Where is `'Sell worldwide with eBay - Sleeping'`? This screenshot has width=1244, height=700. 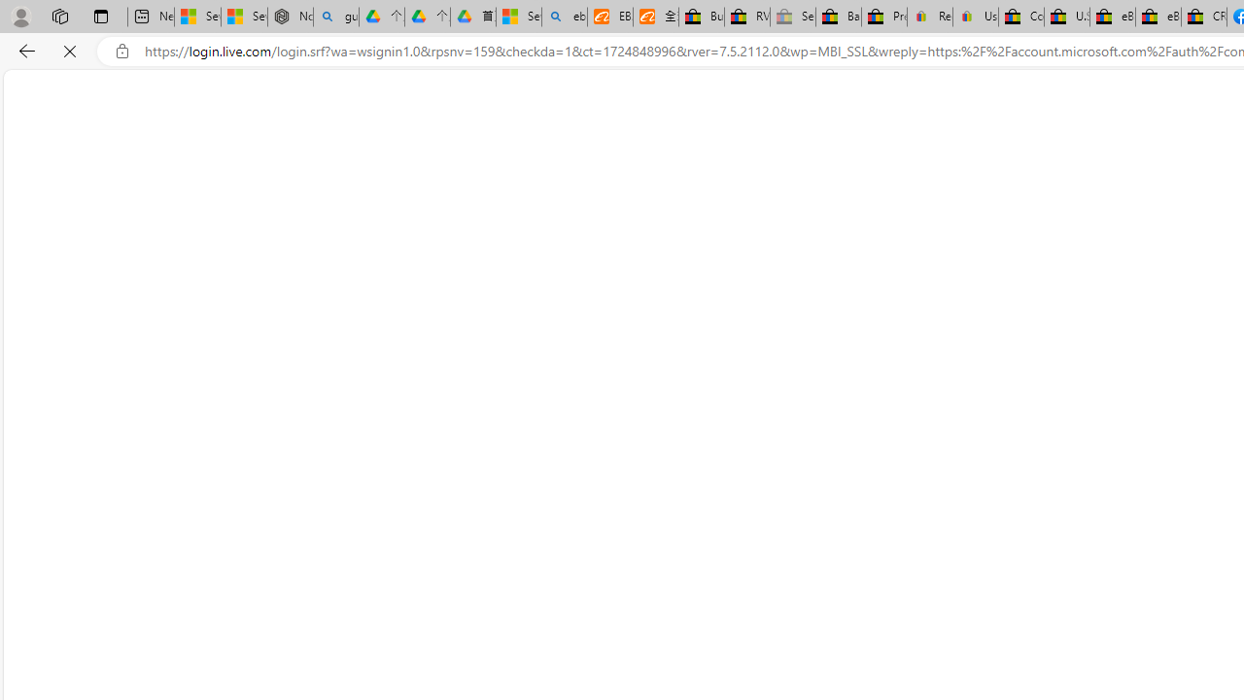 'Sell worldwide with eBay - Sleeping' is located at coordinates (792, 17).